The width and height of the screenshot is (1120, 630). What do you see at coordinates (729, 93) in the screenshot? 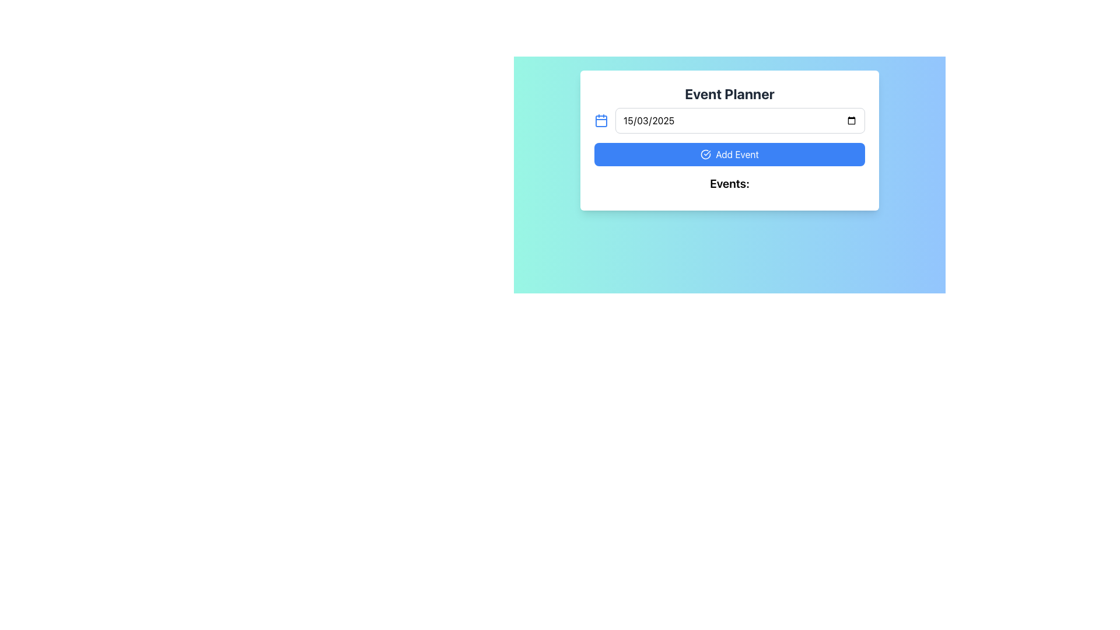
I see `the non-interactive heading titled 'Event Planner', which is centrally aligned at the top of the interface` at bounding box center [729, 93].